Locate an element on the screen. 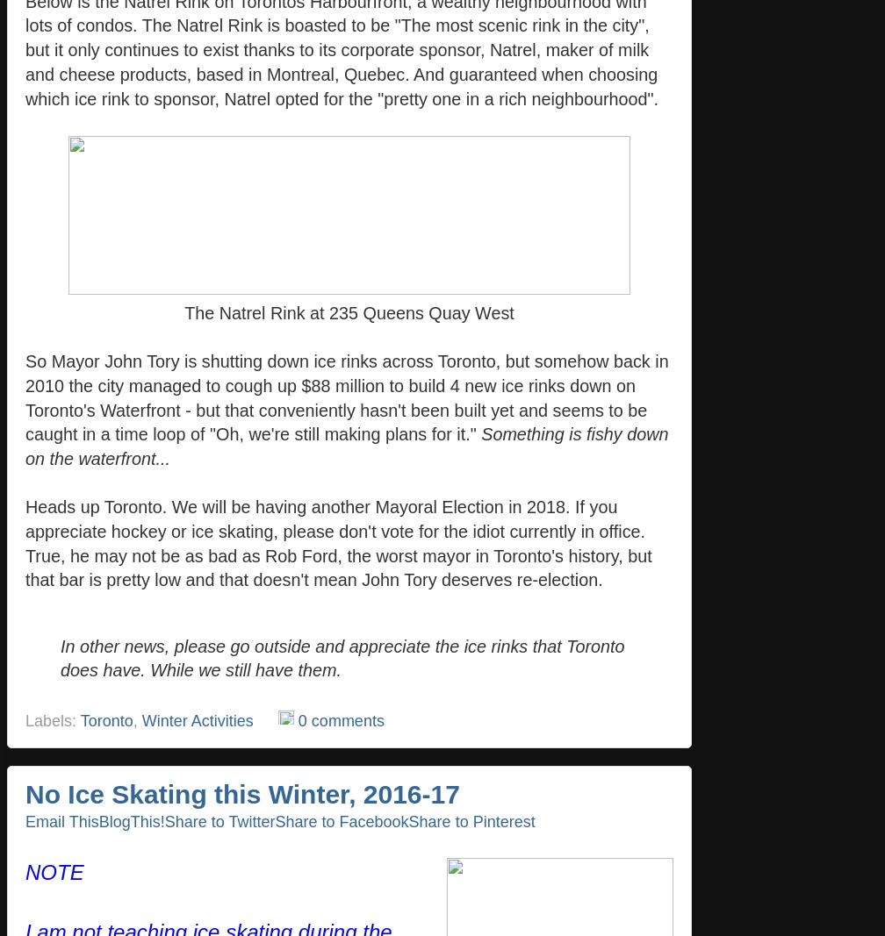 The height and width of the screenshot is (936, 885). 'Heads up Toronto. We will be having another Mayoral Election in 2018. If you appreciate hockey or ice skating, please don't vote for the idiot currently in office. True, he may not be as bad as Rob Ford, the worst mayor in Toronto's history, but that bar is pretty low and that doesn't mean John Tory deserves re-election.' is located at coordinates (25, 543).